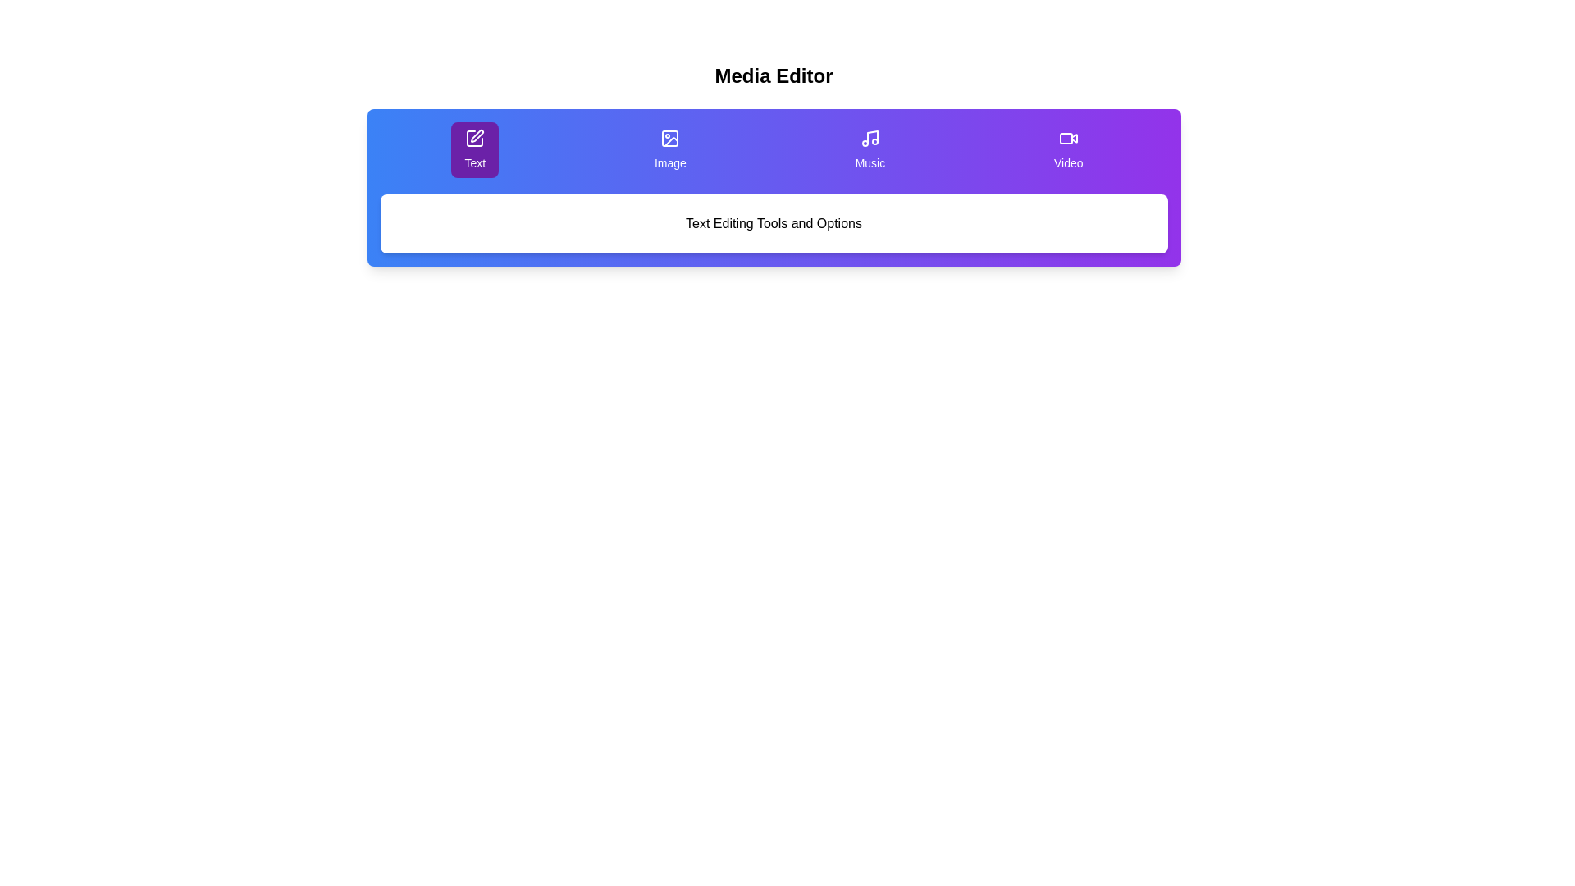 The height and width of the screenshot is (886, 1575). What do you see at coordinates (869, 149) in the screenshot?
I see `the 'Music' button with a musical note icon and label` at bounding box center [869, 149].